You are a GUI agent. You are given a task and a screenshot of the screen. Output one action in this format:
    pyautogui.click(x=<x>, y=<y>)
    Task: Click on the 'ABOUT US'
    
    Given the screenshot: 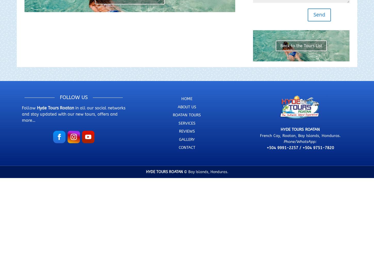 What is the action you would take?
    pyautogui.click(x=186, y=107)
    